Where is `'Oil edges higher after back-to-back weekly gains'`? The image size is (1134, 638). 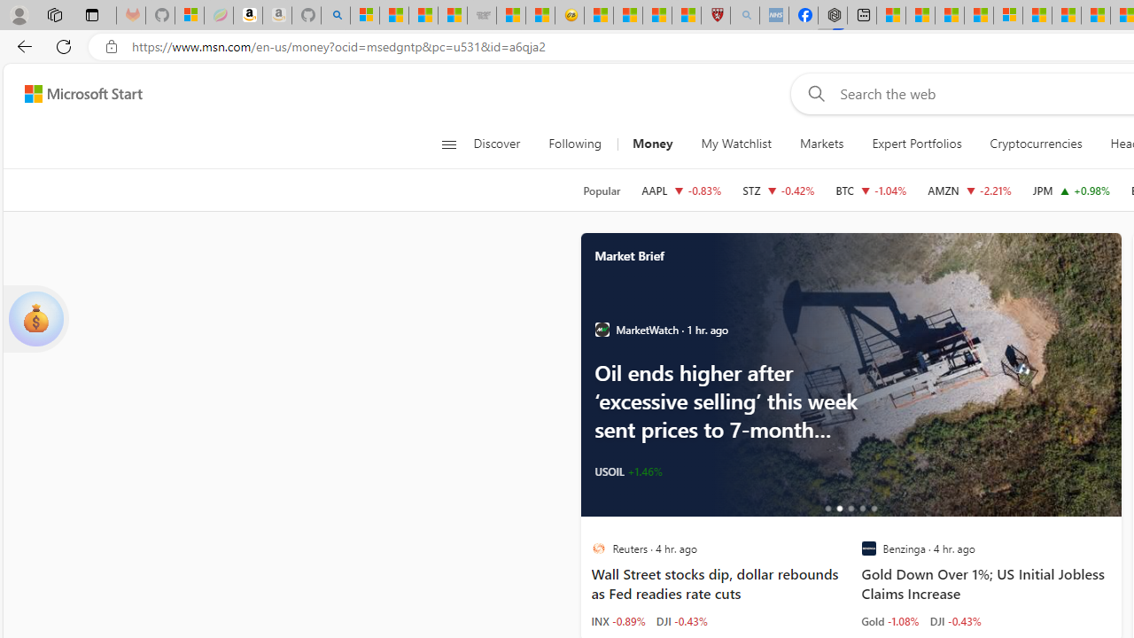
'Oil edges higher after back-to-back weekly gains' is located at coordinates (913, 374).